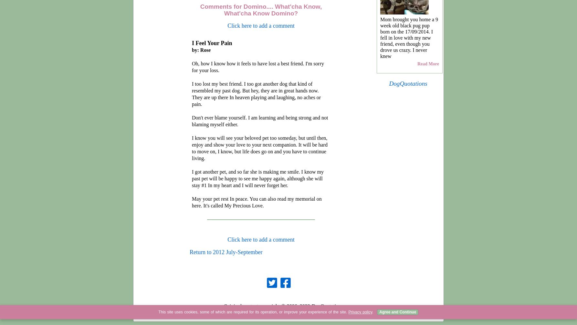 Image resolution: width=577 pixels, height=325 pixels. What do you see at coordinates (372, 312) in the screenshot?
I see `'.'` at bounding box center [372, 312].